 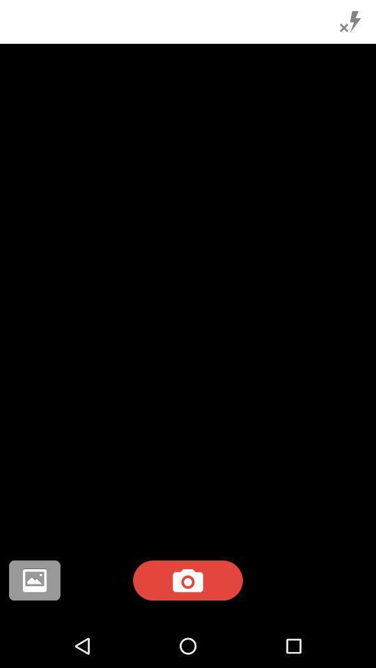 I want to click on the flash icon, so click(x=350, y=21).